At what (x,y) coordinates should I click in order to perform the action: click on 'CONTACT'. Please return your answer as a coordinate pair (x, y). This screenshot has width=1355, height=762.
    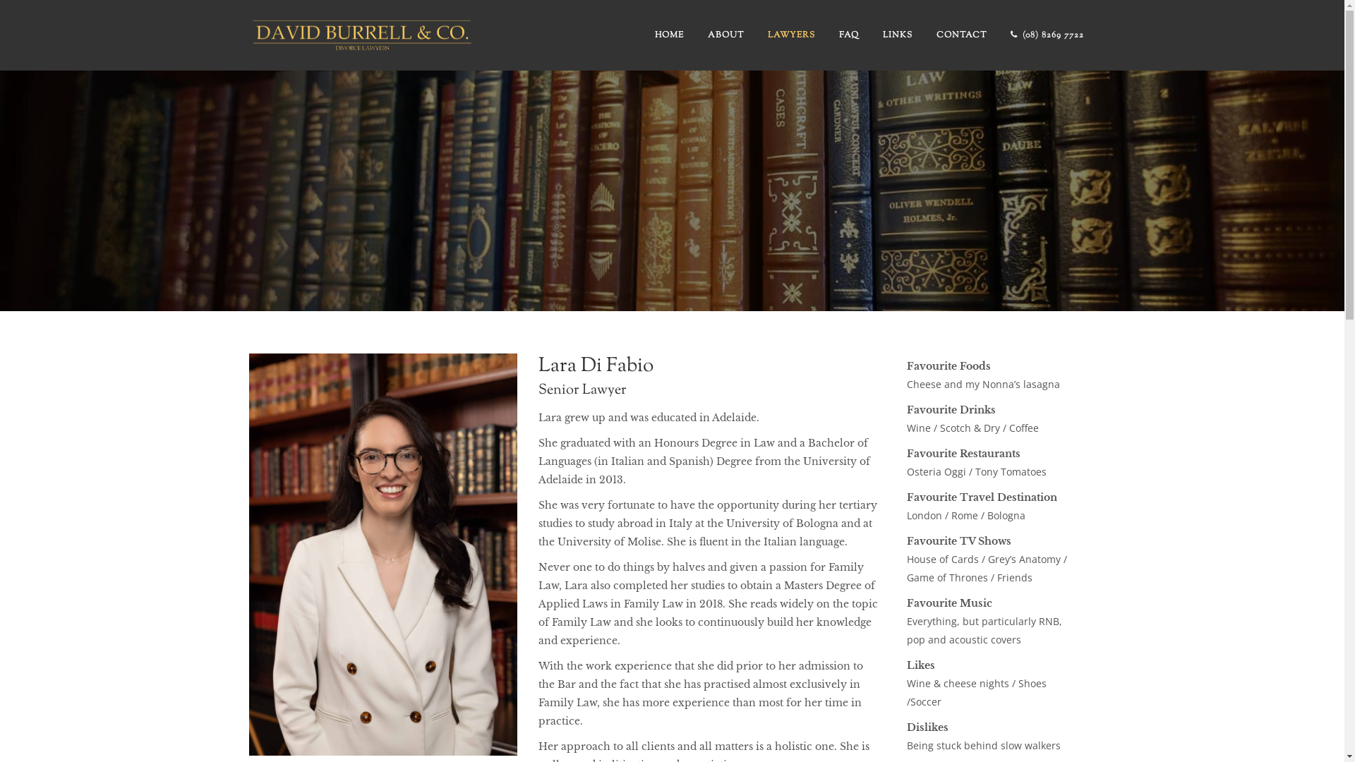
    Looking at the image, I should click on (960, 35).